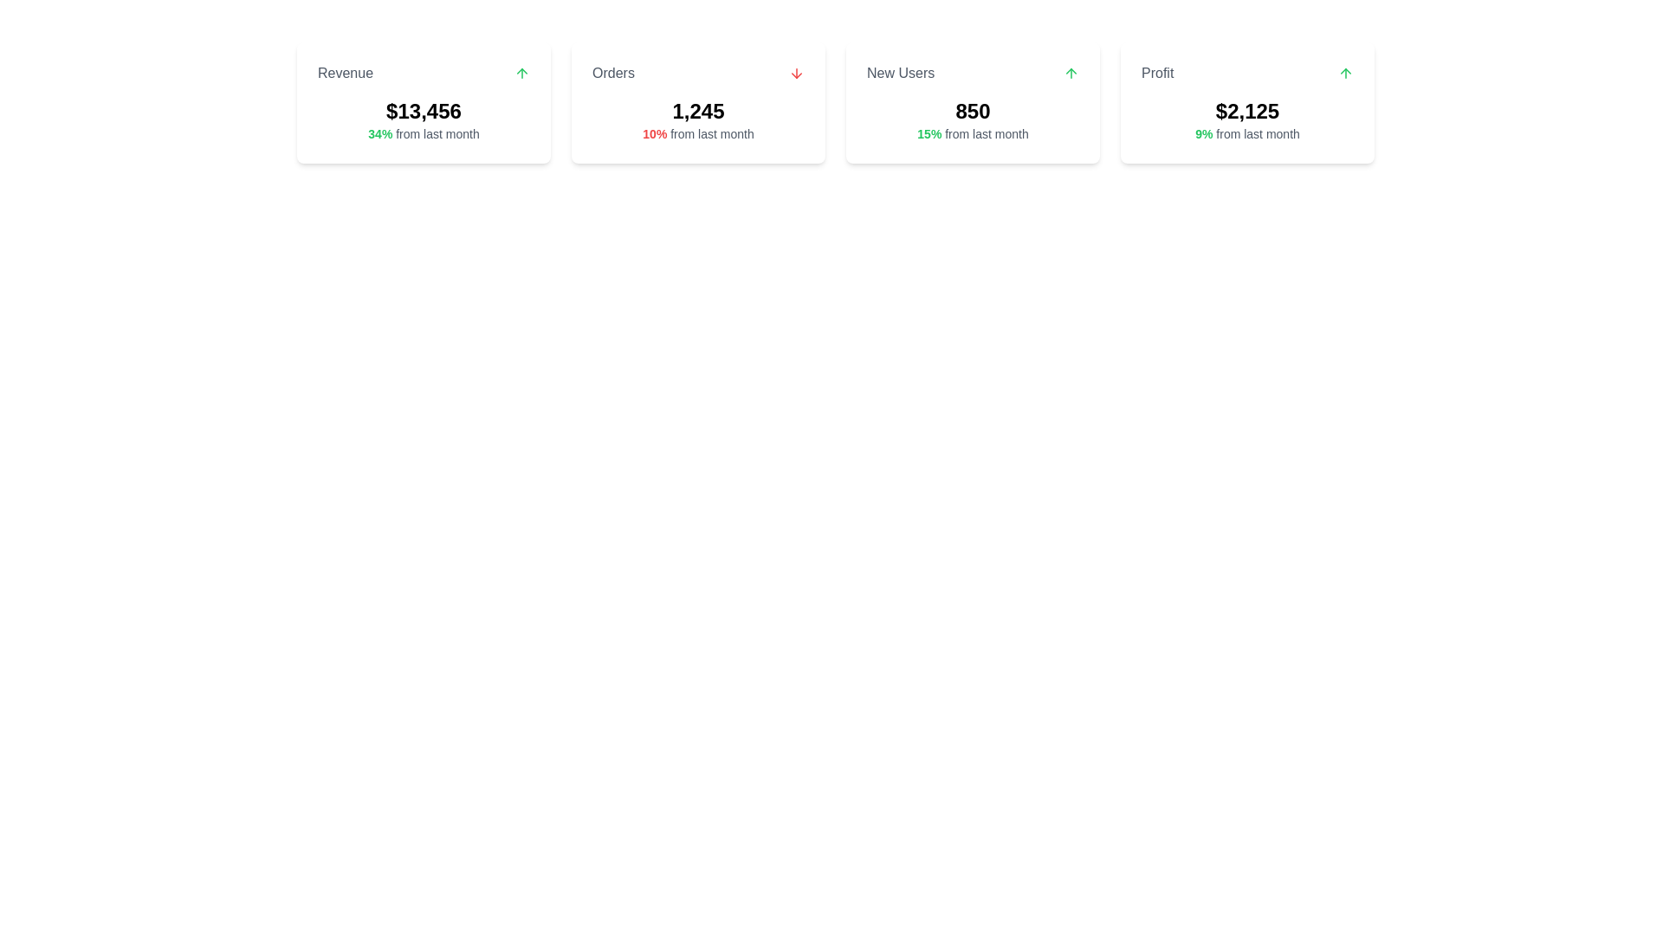 This screenshot has height=935, width=1663. Describe the element at coordinates (1203, 132) in the screenshot. I see `the bold green text displaying '9%' located in the 'Profit' section on the rightmost card of the summary cards` at that location.